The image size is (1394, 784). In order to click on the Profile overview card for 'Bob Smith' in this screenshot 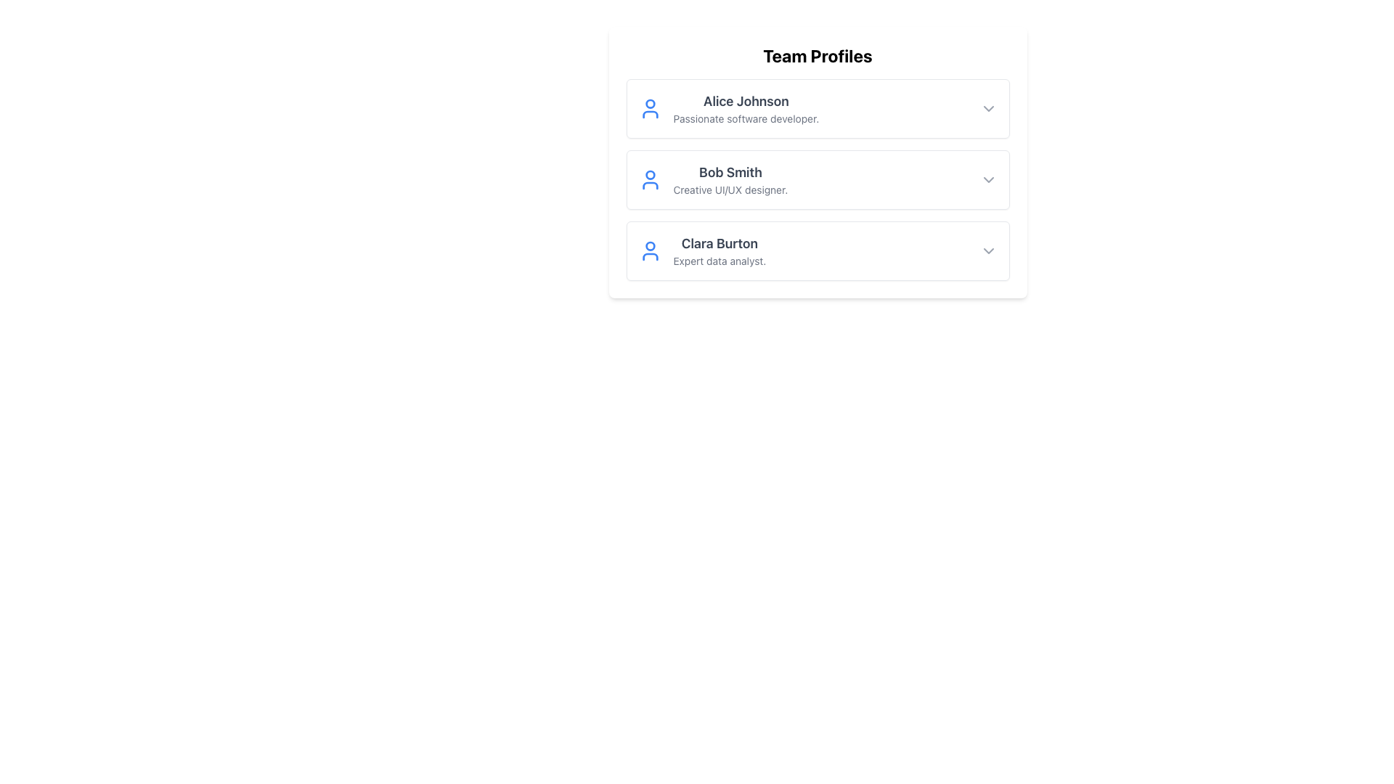, I will do `click(818, 179)`.